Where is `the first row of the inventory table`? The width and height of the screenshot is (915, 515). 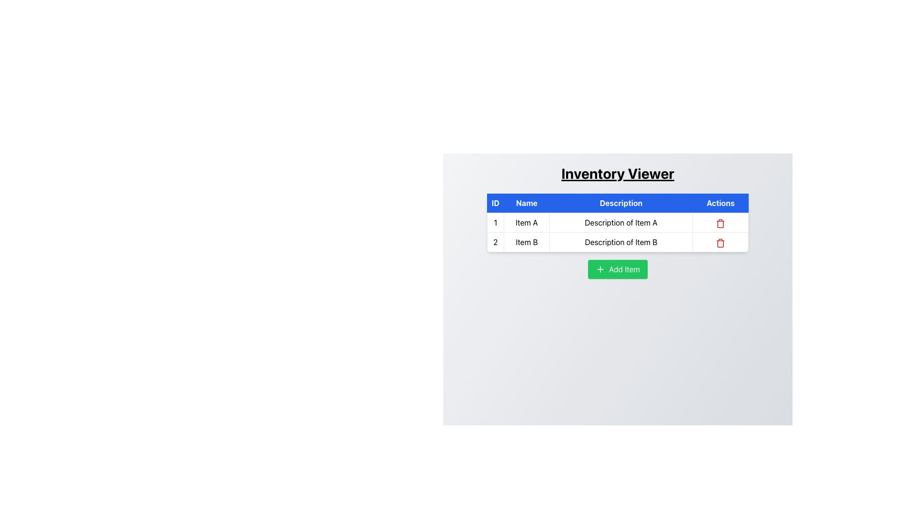
the first row of the inventory table is located at coordinates (618, 222).